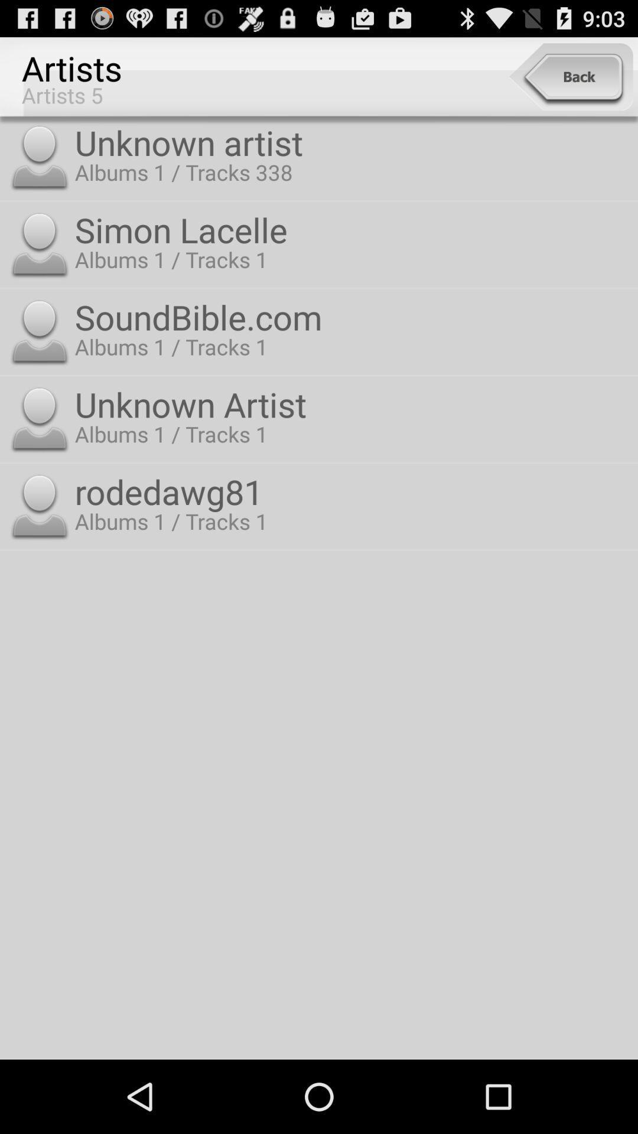  Describe the element at coordinates (570, 76) in the screenshot. I see `the item to the right of the artists item` at that location.